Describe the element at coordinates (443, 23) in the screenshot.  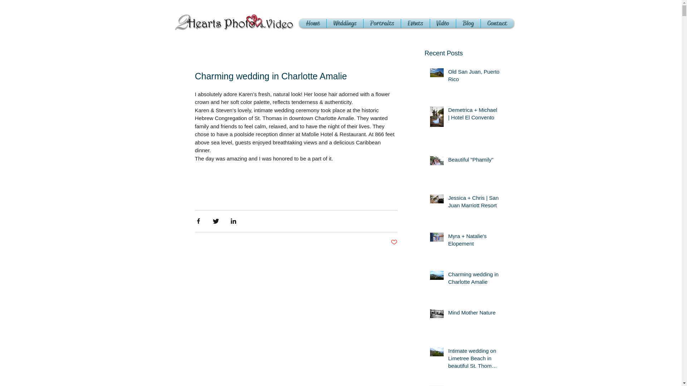
I see `'Video'` at that location.